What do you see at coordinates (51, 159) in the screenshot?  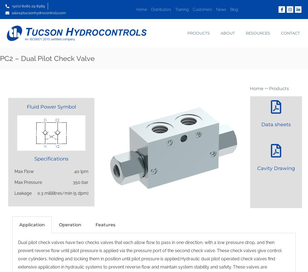 I see `'Specifications'` at bounding box center [51, 159].